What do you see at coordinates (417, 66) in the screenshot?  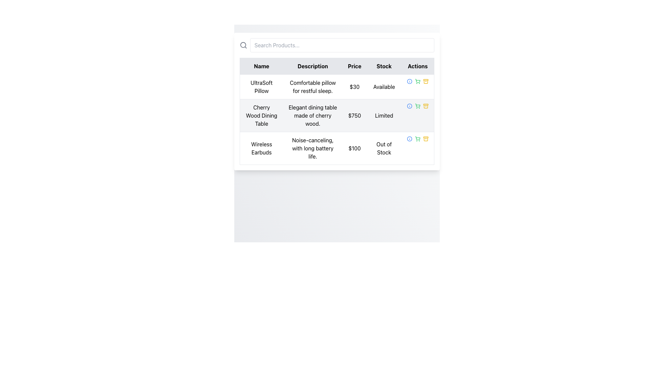 I see `the text label 'Actions' in bold font, located at the far right of the table header row` at bounding box center [417, 66].